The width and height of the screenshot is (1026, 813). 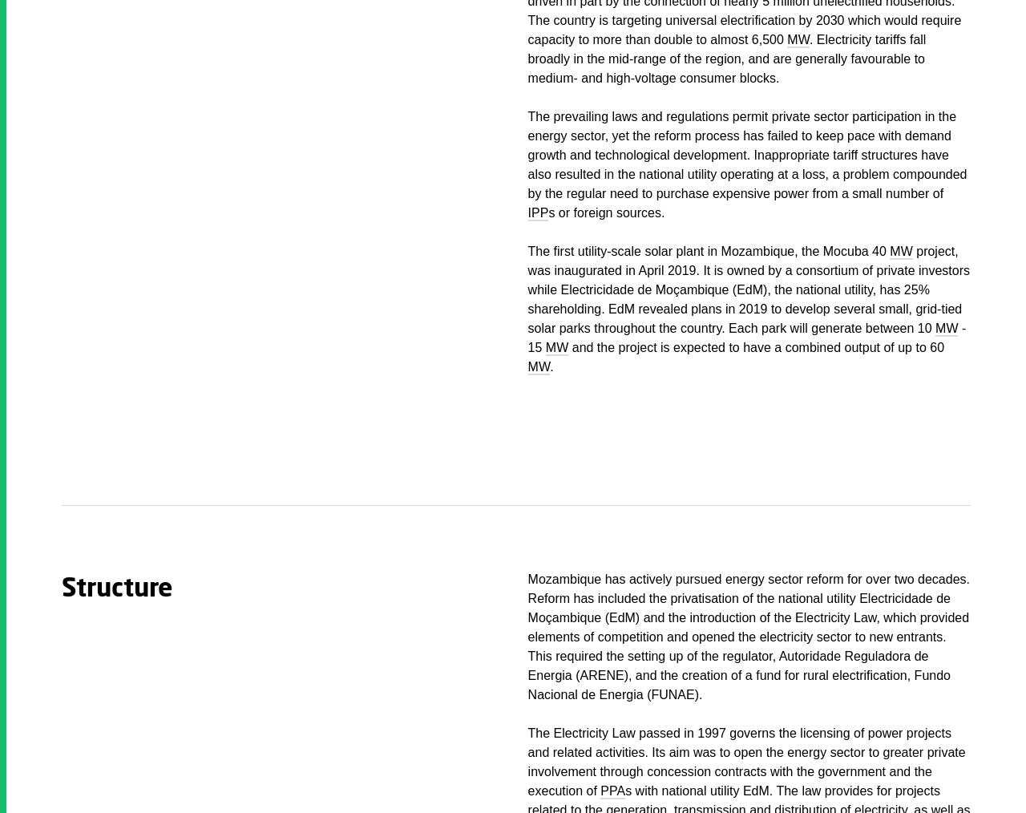 I want to click on 'project, was inaugurated in April 2019. It is owned by a consortium of private investors while Electricidade de Moçambique (EdM), the national utility, has 25% shareholding. EdM revealed plans in 2019 to develop several small, grid-tied solar parks throughout the country. Each park will generate between 10', so click(x=748, y=289).